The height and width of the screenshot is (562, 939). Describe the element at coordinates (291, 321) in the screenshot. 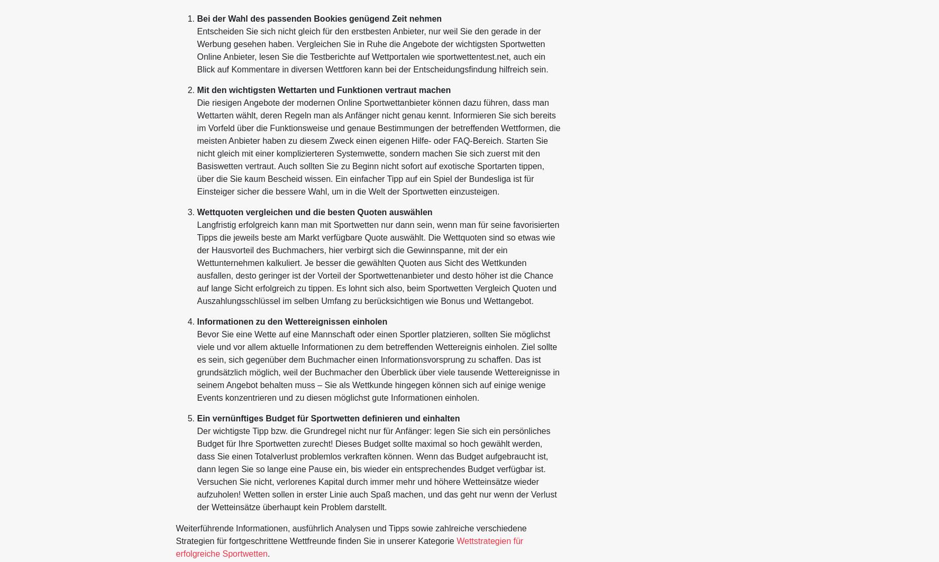

I see `'Informationen zu den Wettereignissen einholen'` at that location.